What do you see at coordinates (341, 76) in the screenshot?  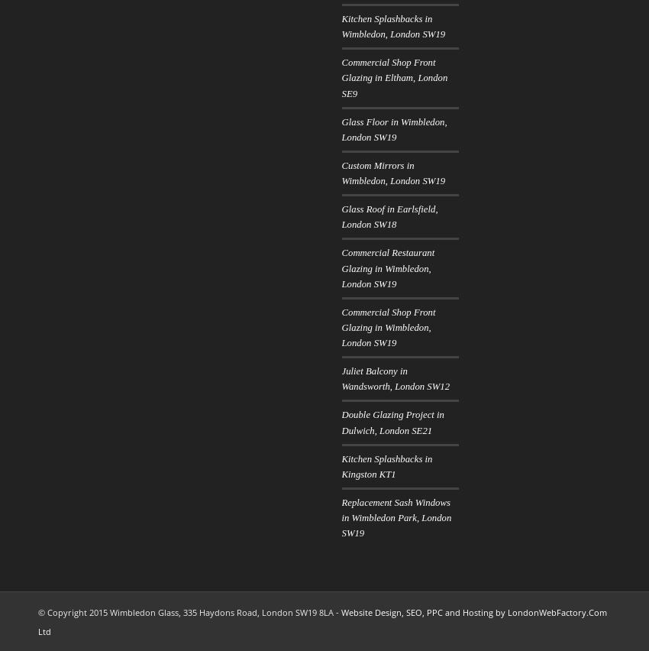 I see `'Commercial Shop Front Glazing in Eltham, London SE9'` at bounding box center [341, 76].